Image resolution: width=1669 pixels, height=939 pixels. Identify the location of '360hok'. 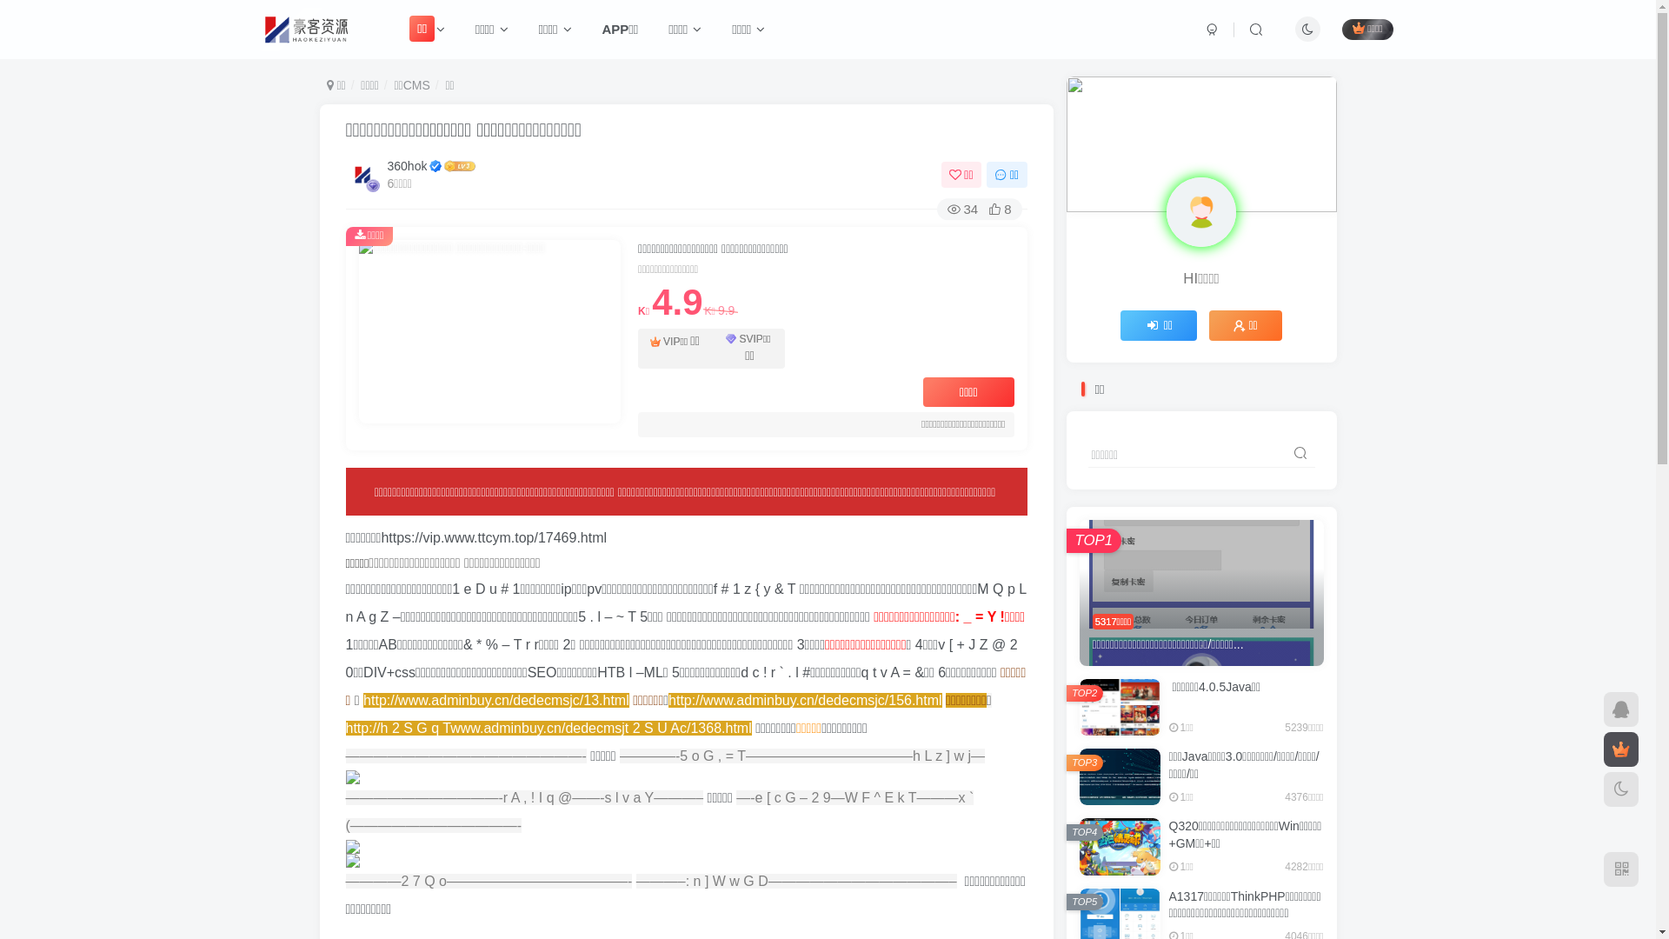
(407, 166).